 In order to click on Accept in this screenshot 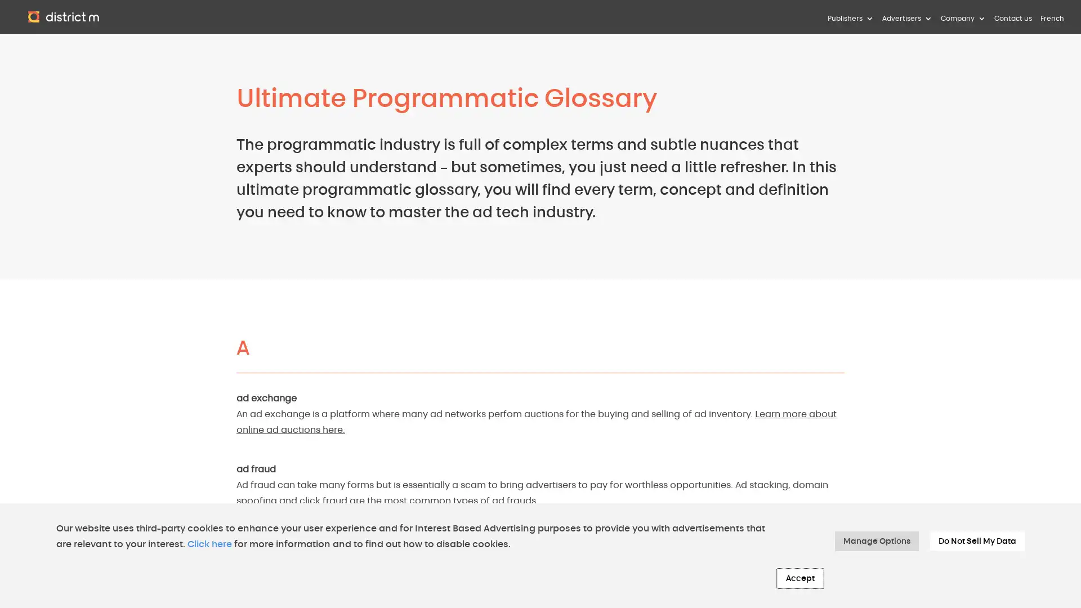, I will do `click(799, 578)`.